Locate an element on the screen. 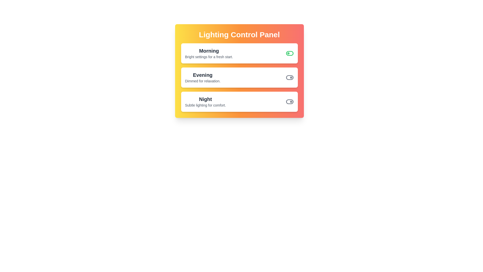 The image size is (483, 272). the scene Morning is located at coordinates (290, 53).